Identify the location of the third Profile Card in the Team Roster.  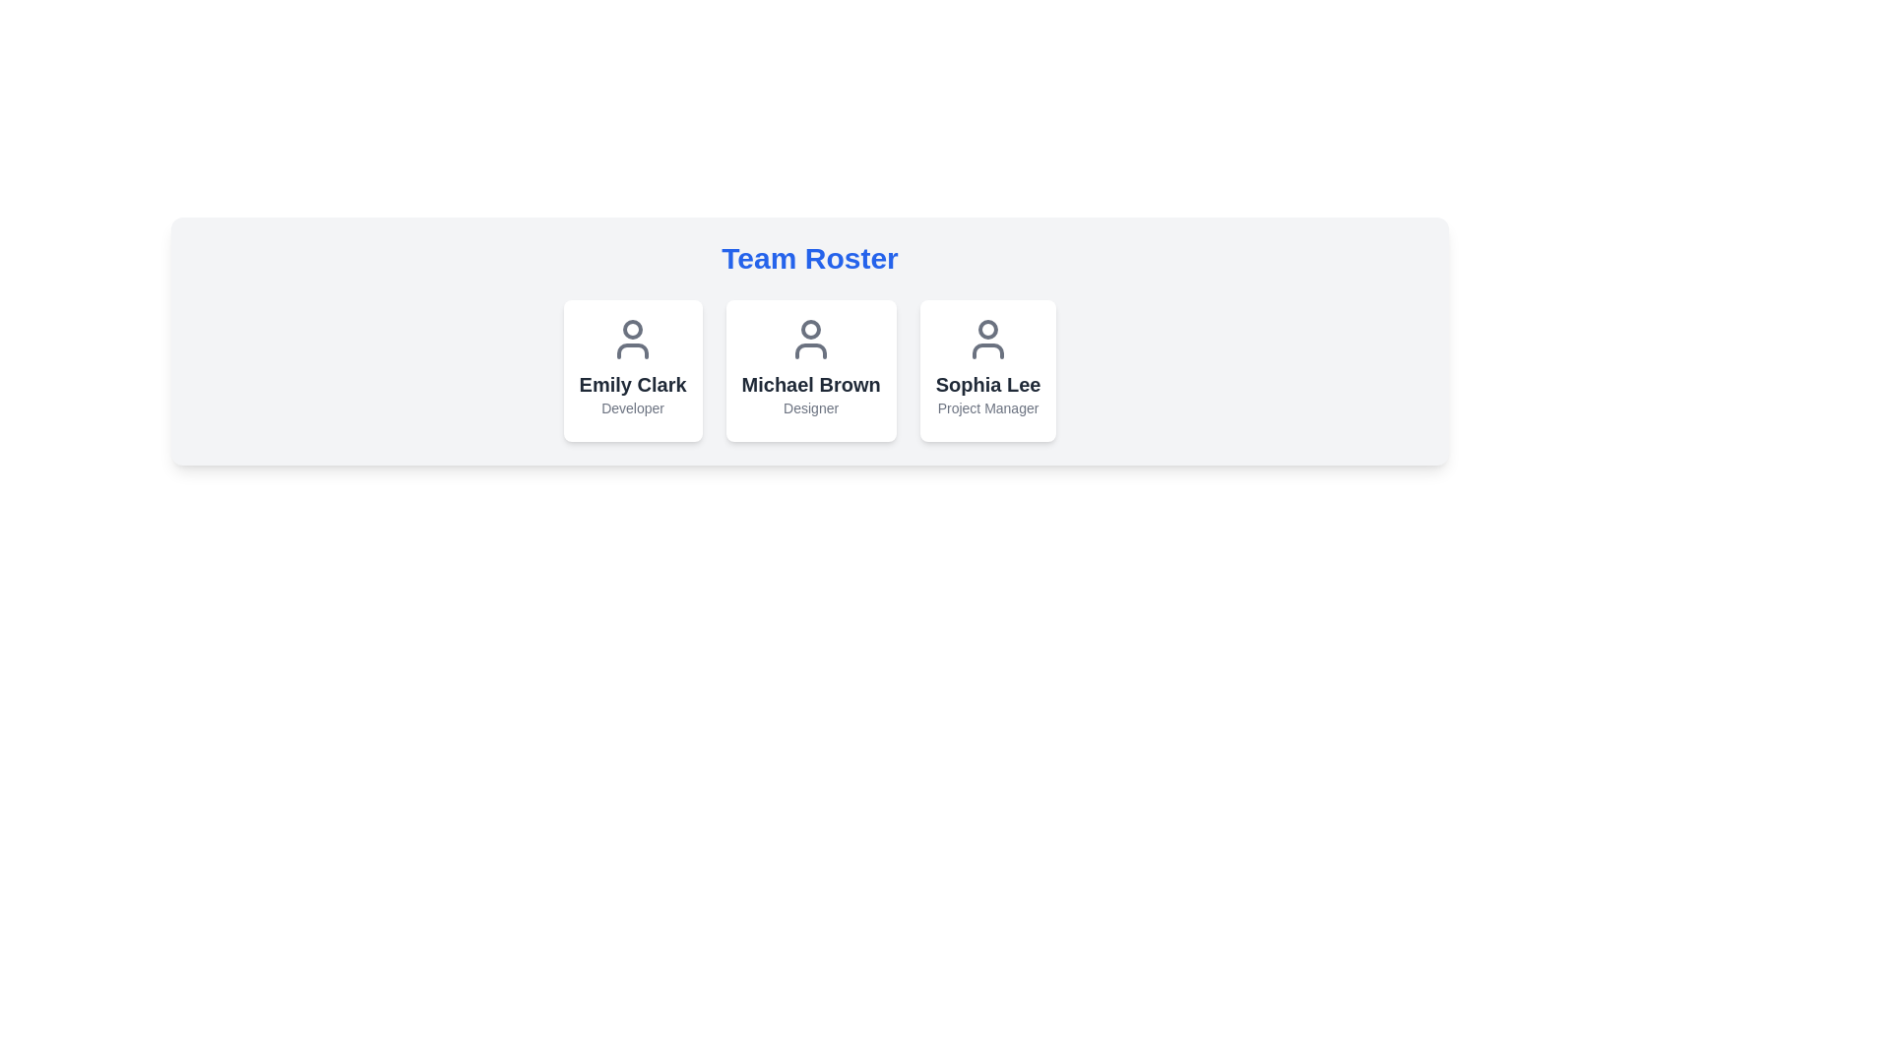
(987, 371).